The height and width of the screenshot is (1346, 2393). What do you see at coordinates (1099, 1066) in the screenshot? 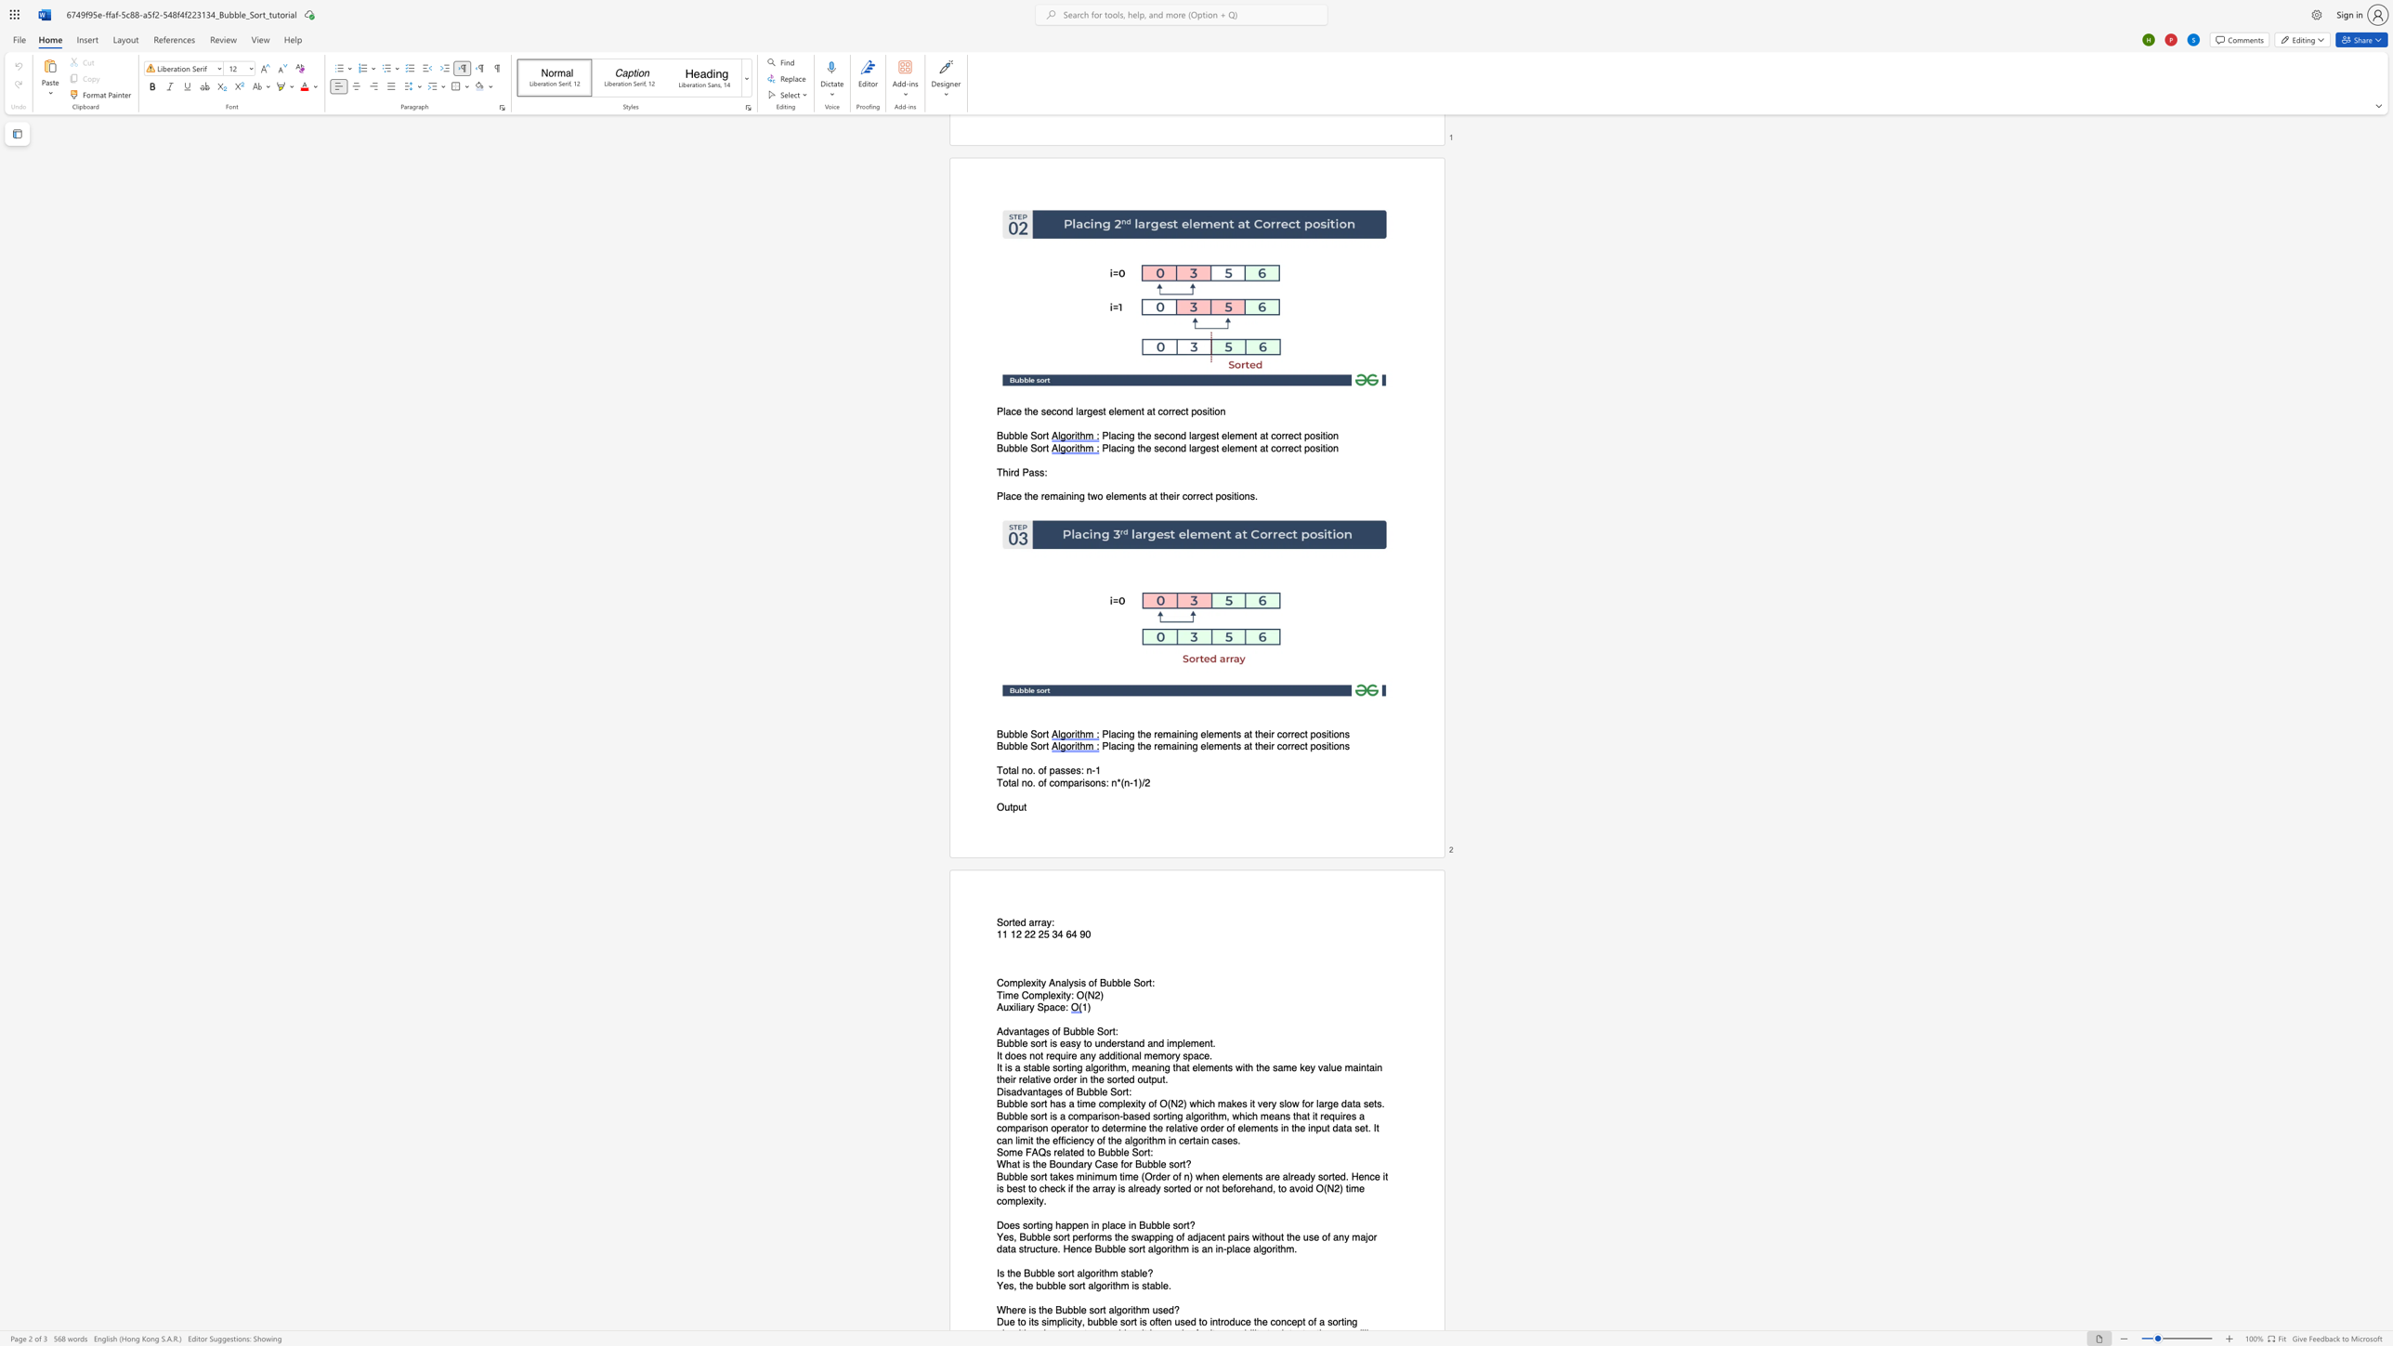
I see `the space between the continuous character "g" and "o" in the text` at bounding box center [1099, 1066].